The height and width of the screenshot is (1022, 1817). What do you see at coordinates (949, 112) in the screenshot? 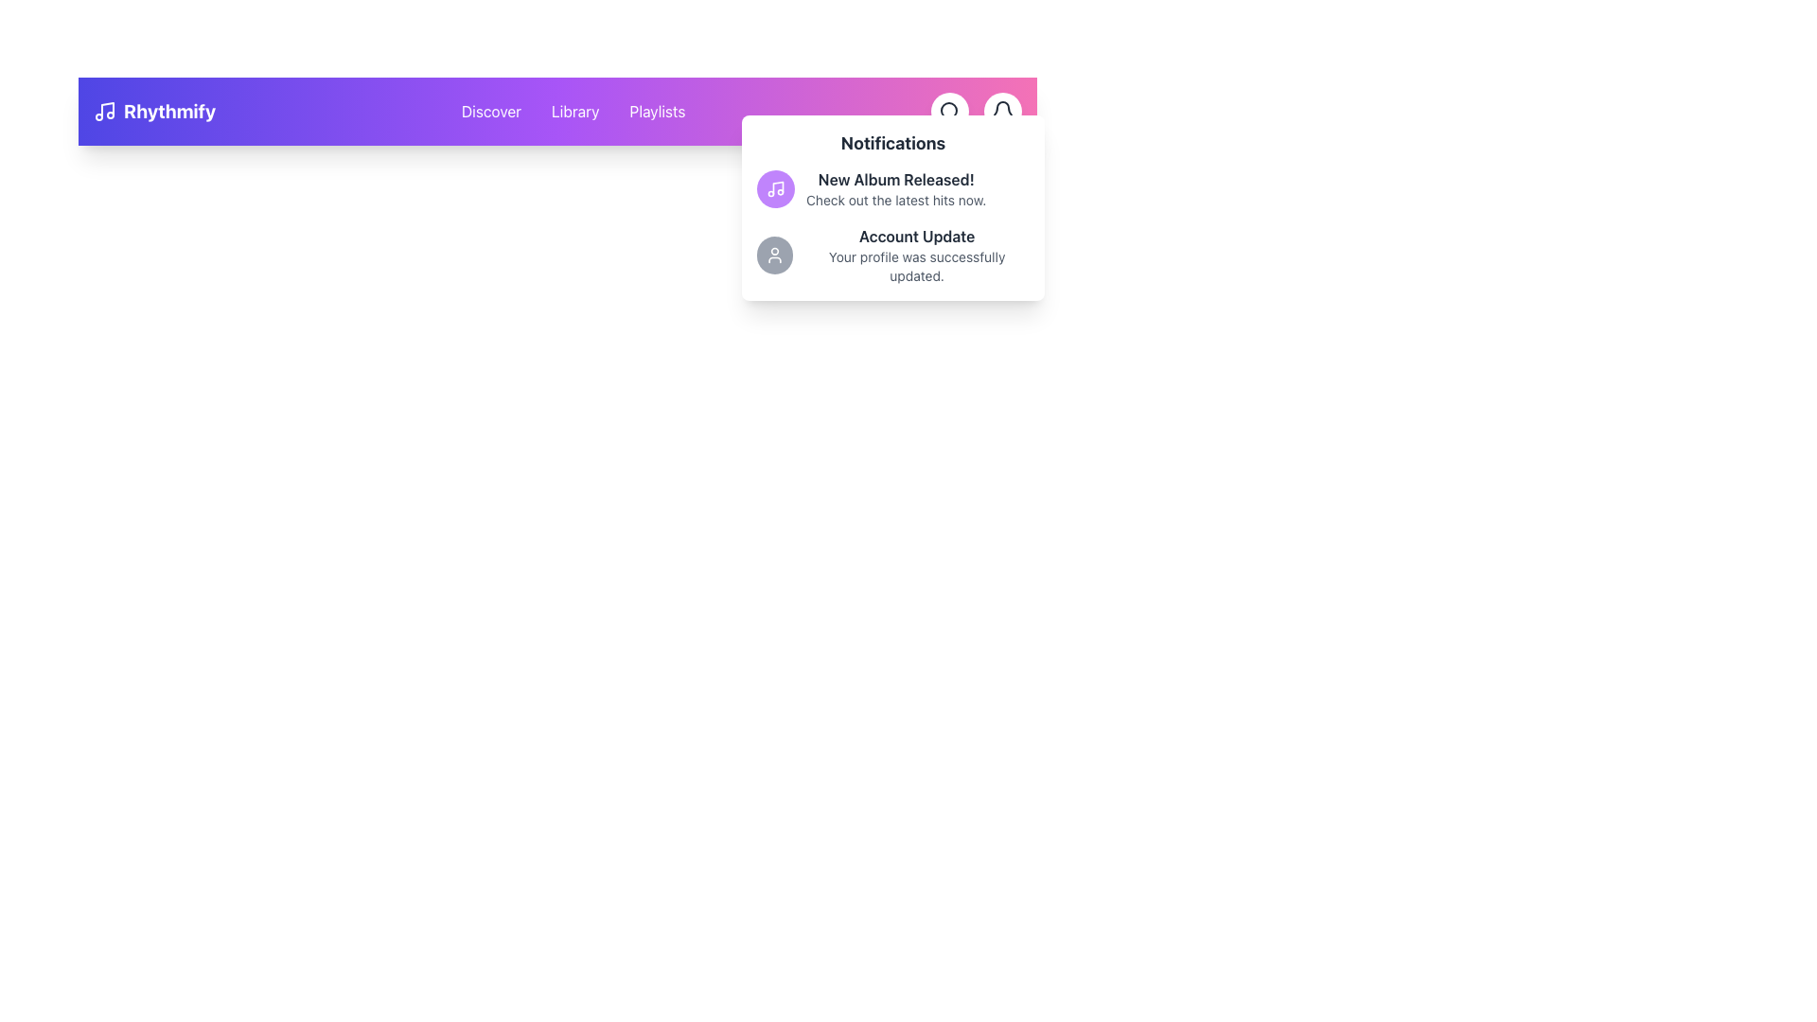
I see `the circular search button with an embedded icon located on the right side of the horizontal menu bar to experience the scale animation` at bounding box center [949, 112].